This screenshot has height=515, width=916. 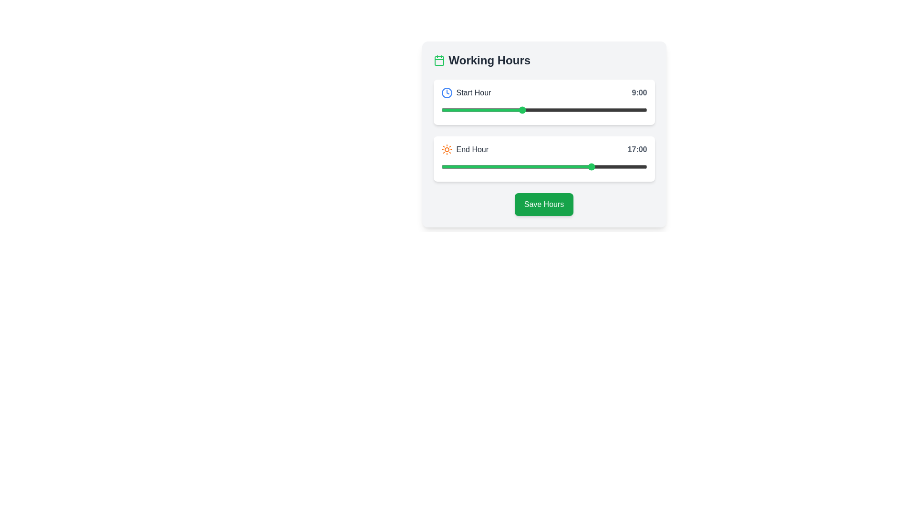 What do you see at coordinates (438, 61) in the screenshot?
I see `the green calendar icon with rounded edges located to the left of the 'Working Hours' text` at bounding box center [438, 61].